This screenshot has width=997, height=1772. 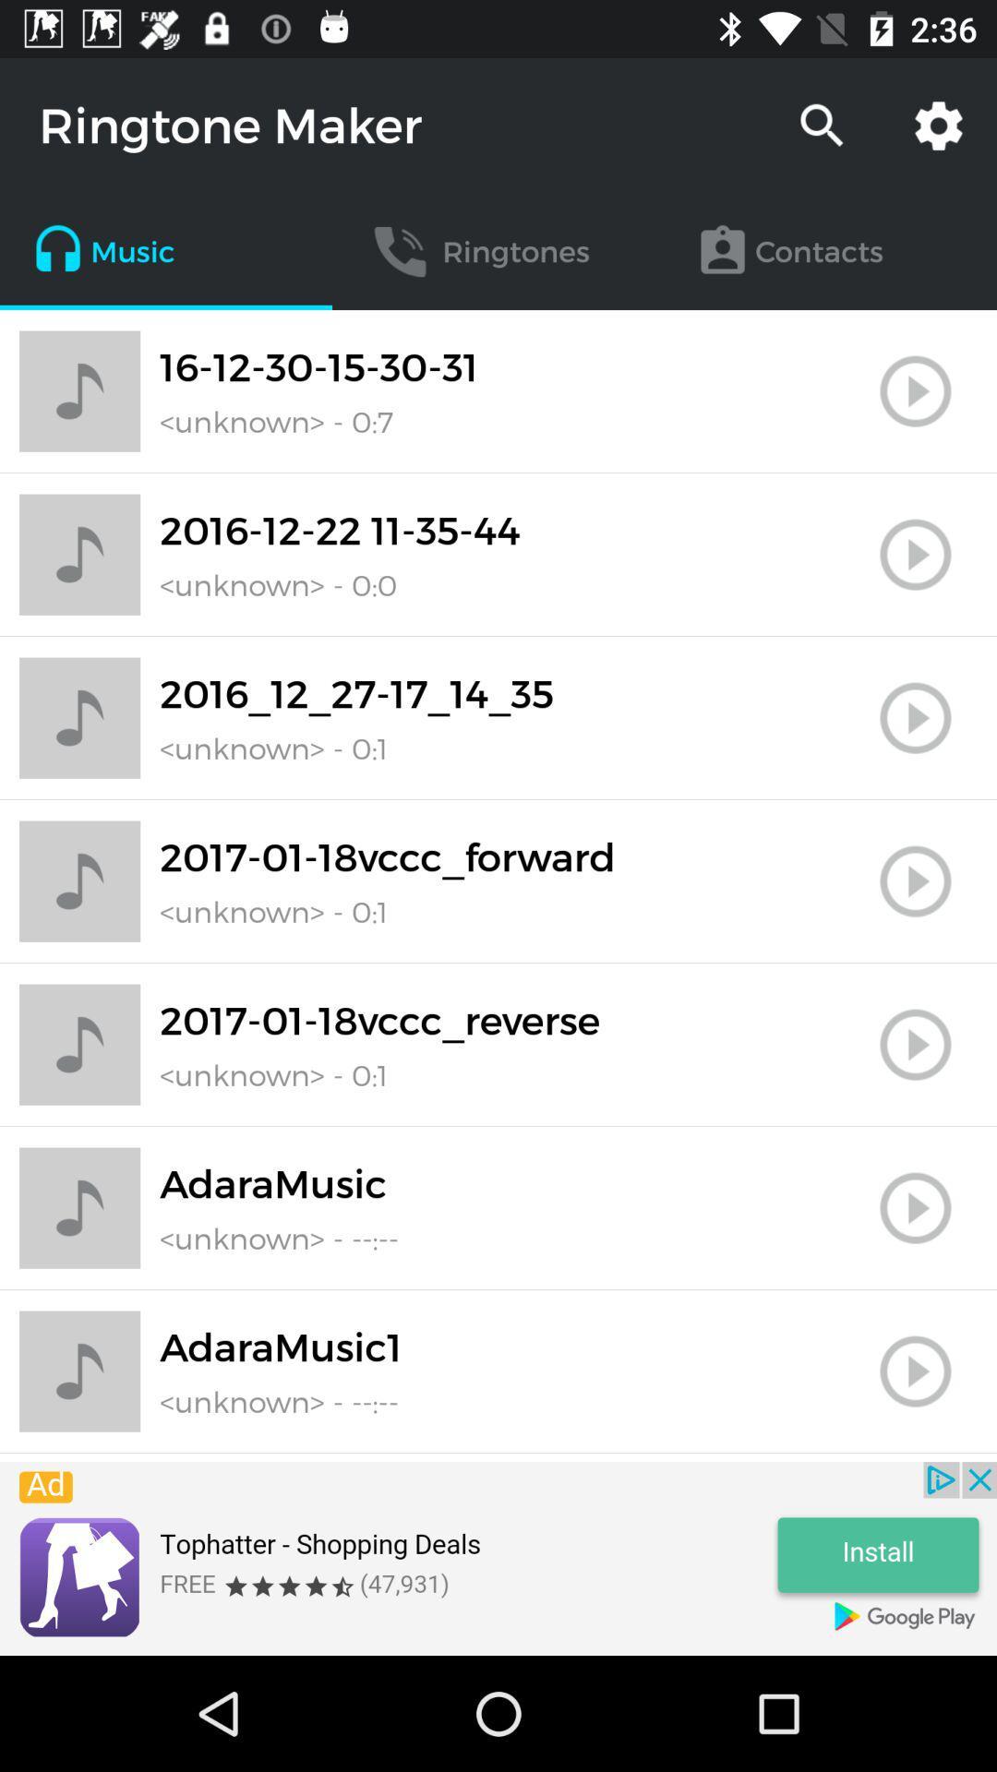 I want to click on advertisement page, so click(x=498, y=1558).